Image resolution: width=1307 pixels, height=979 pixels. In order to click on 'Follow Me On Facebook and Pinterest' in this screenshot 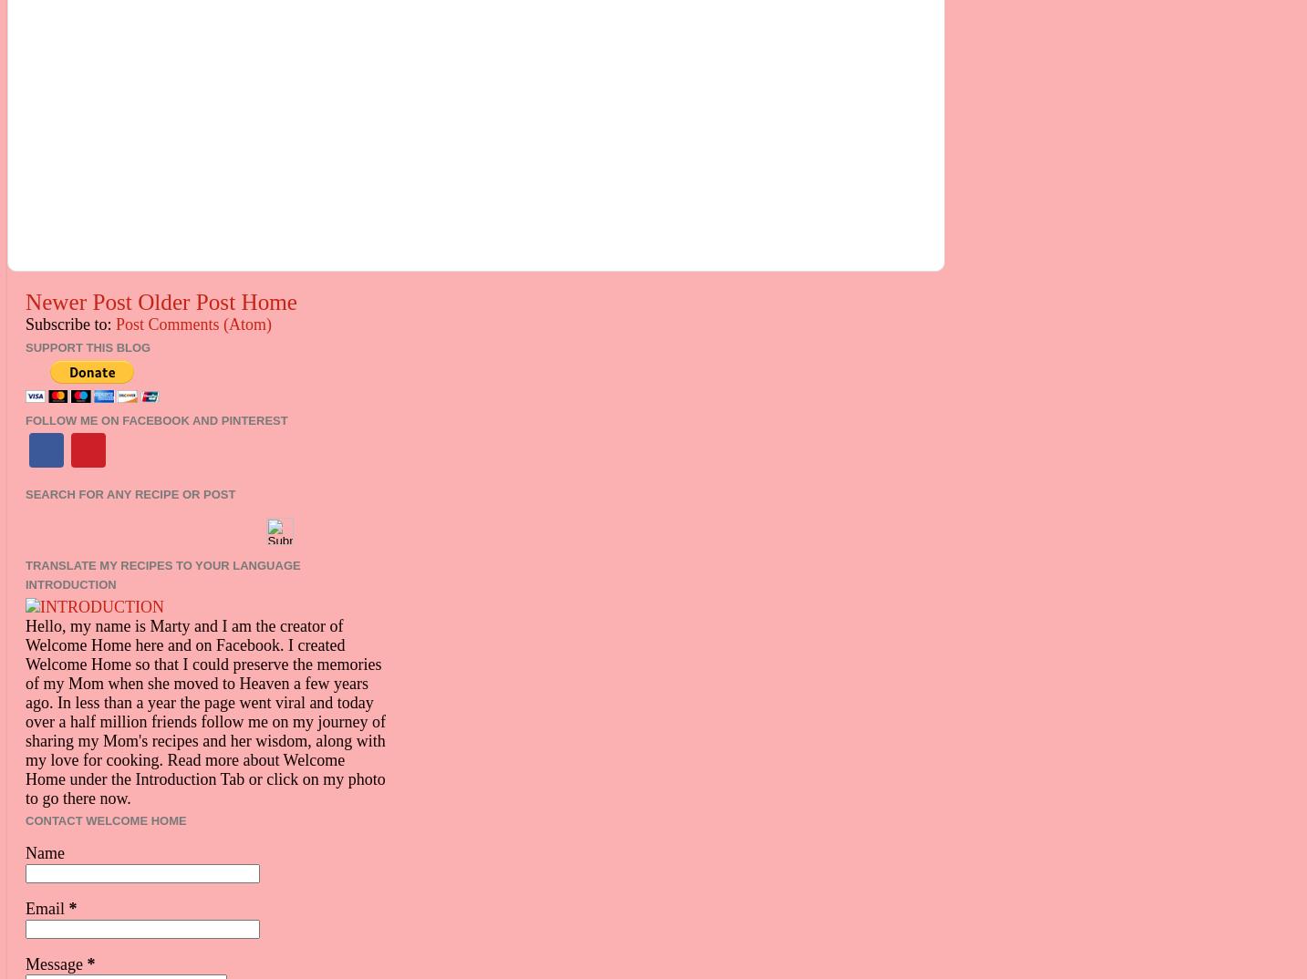, I will do `click(156, 418)`.